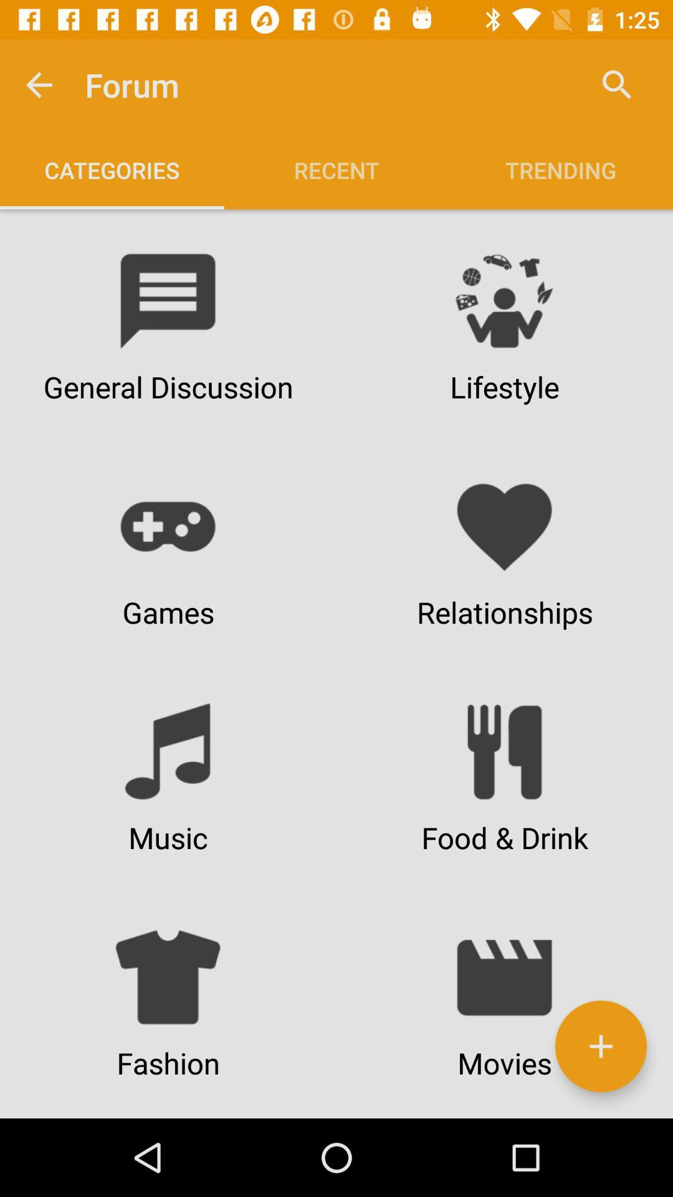 The width and height of the screenshot is (673, 1197). What do you see at coordinates (617, 84) in the screenshot?
I see `item above trending item` at bounding box center [617, 84].